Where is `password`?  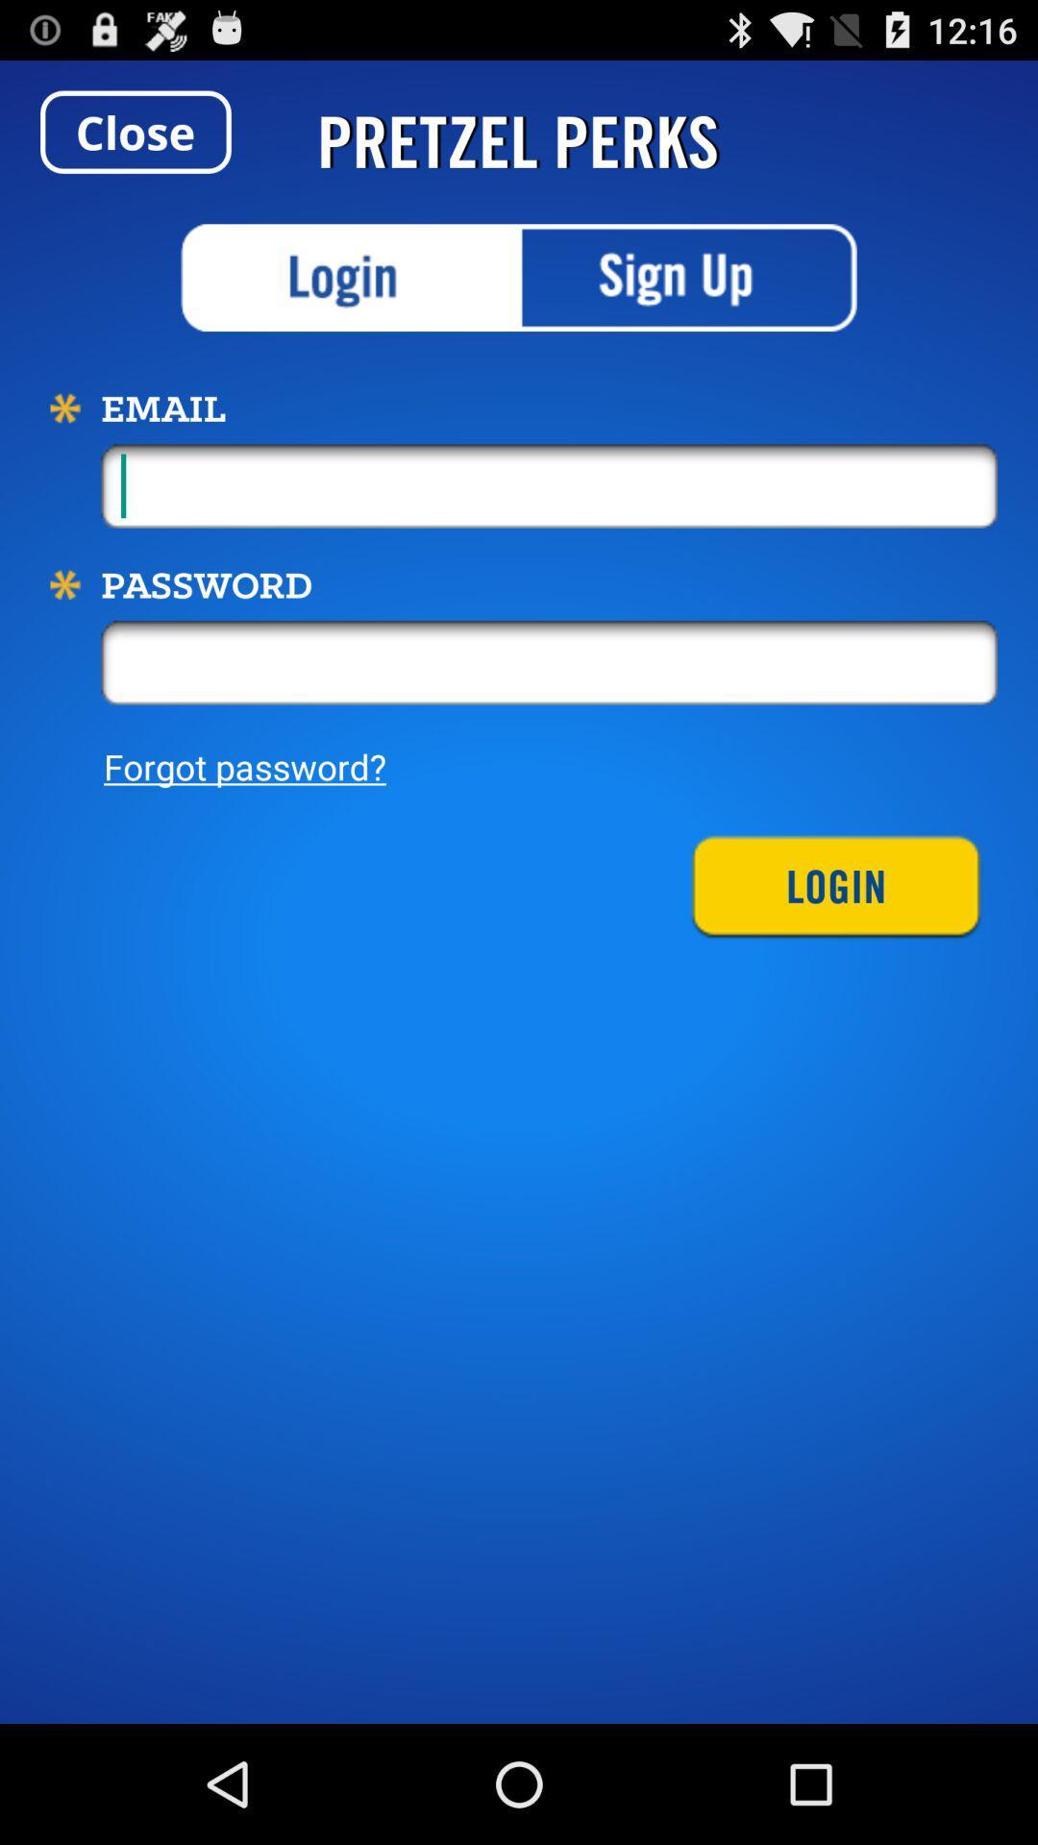 password is located at coordinates (549, 662).